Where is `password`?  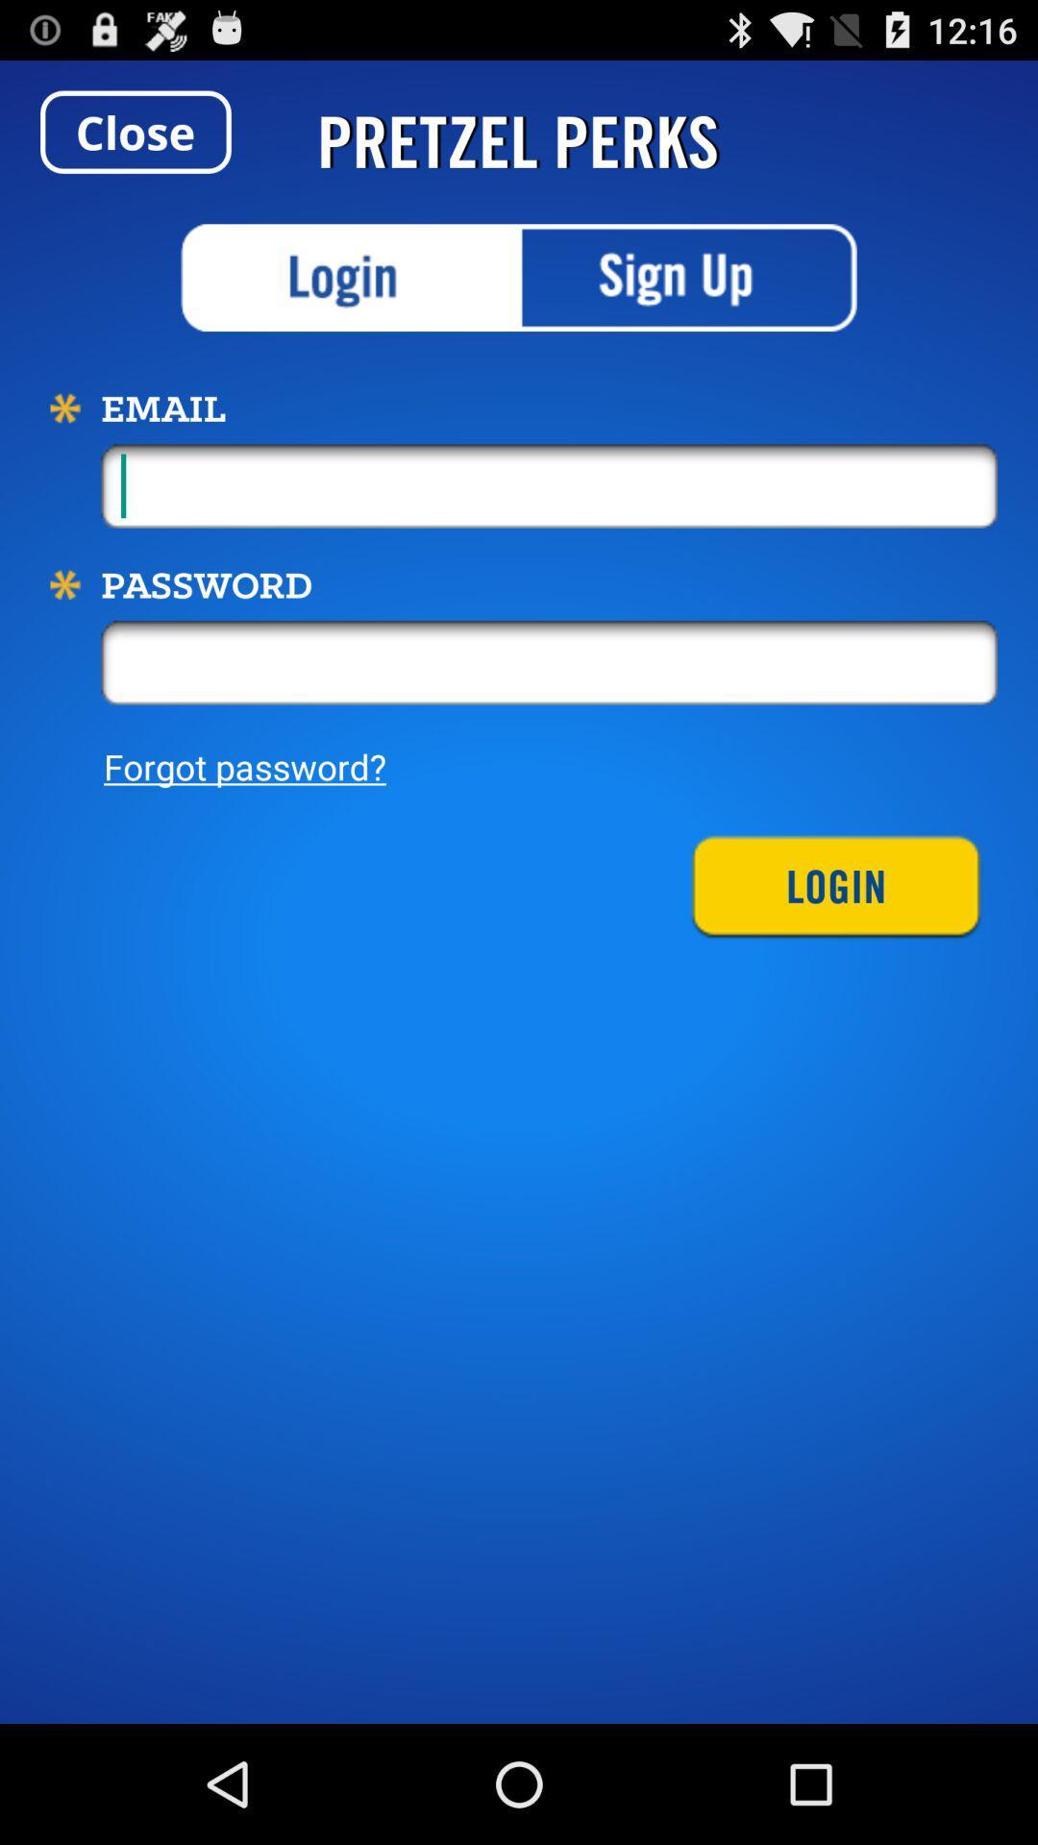 password is located at coordinates (549, 662).